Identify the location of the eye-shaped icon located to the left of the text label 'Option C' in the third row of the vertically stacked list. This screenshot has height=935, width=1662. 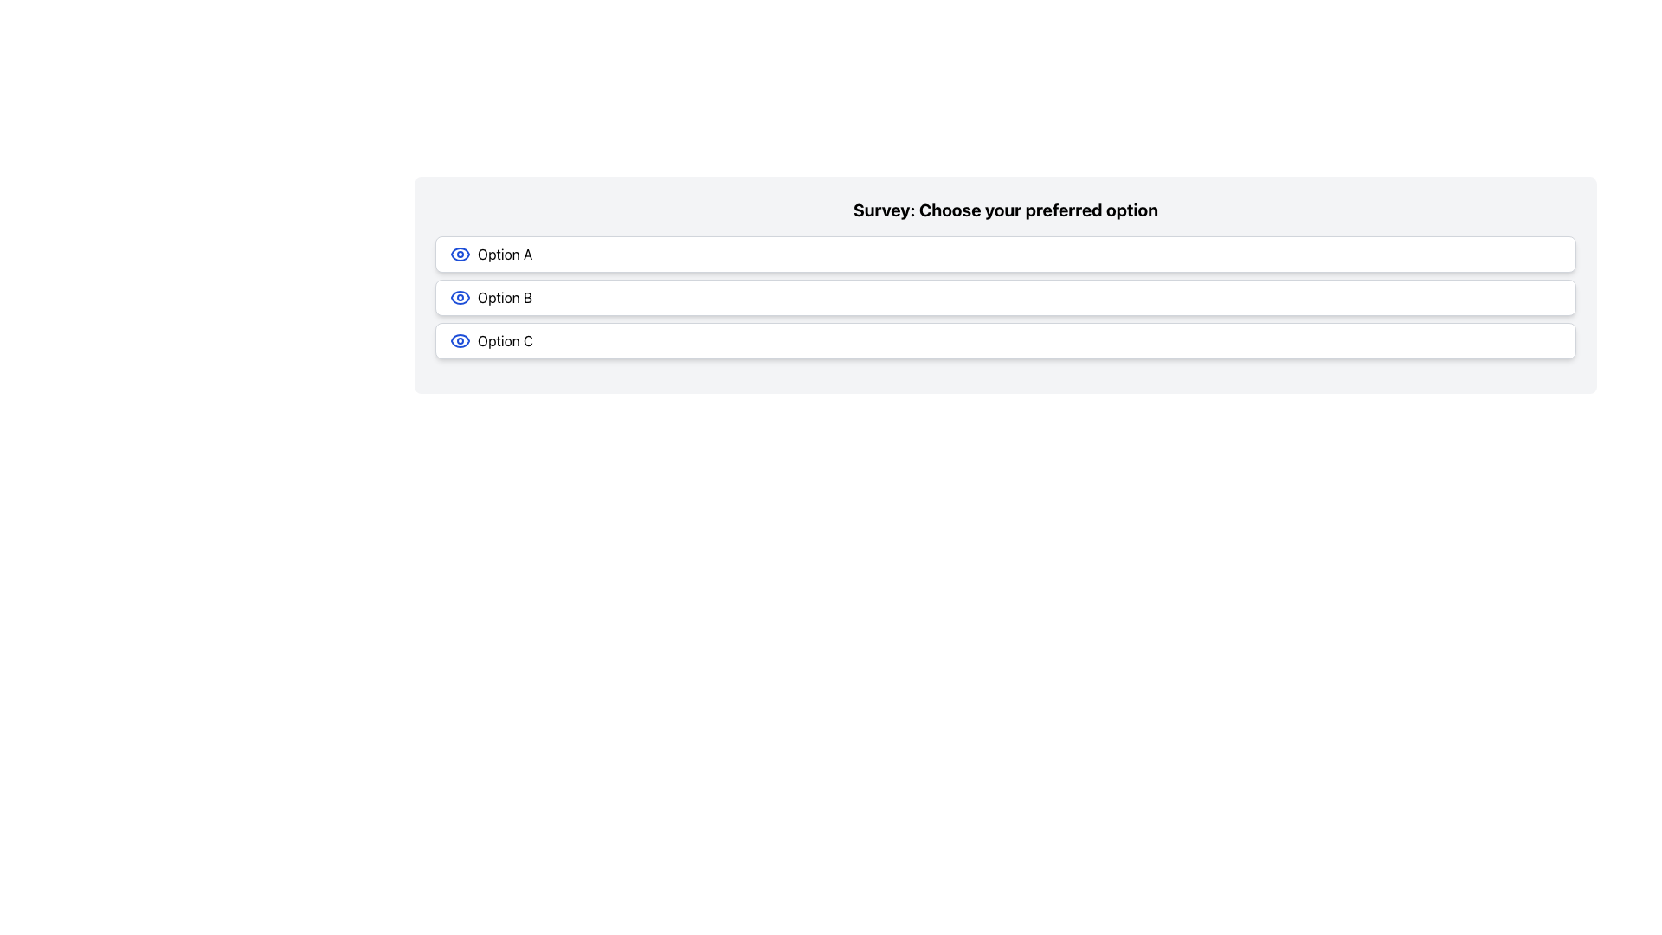
(461, 340).